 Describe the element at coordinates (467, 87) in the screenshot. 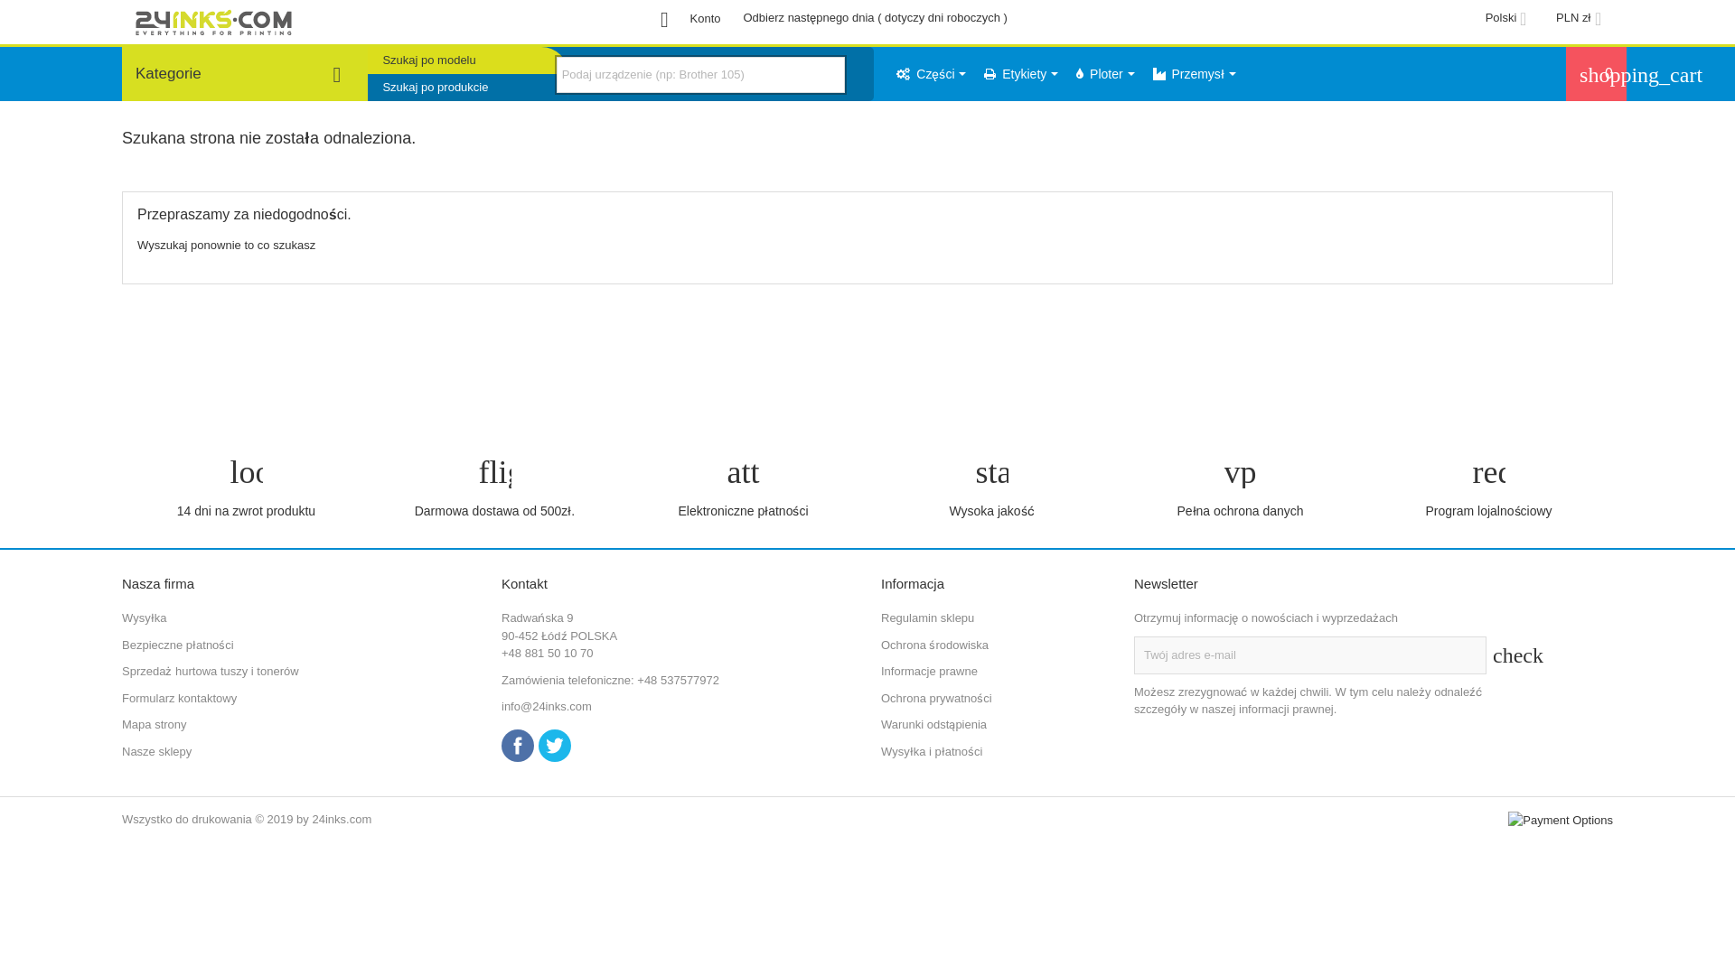

I see `'Szukaj po produkcie'` at that location.